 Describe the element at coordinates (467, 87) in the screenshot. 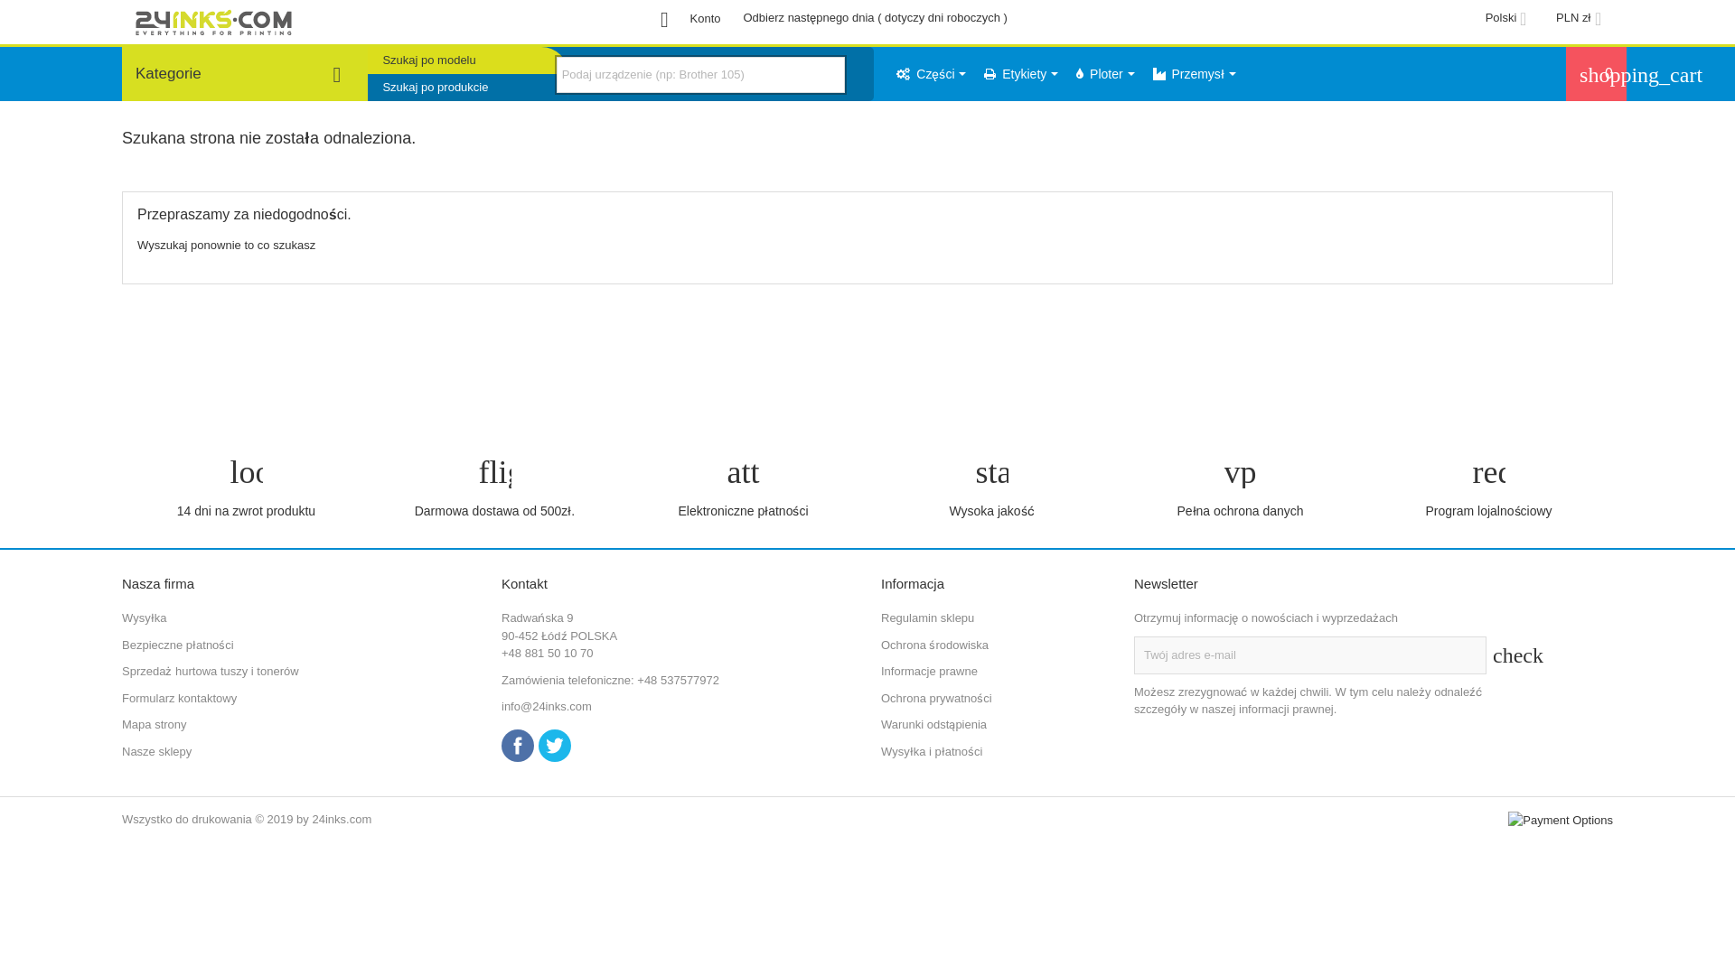

I see `'Szukaj po produkcie'` at that location.